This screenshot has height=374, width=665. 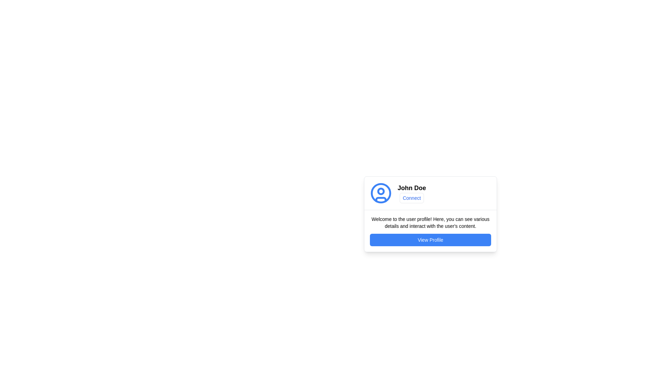 What do you see at coordinates (430, 231) in the screenshot?
I see `text description located in the user profile card, positioned below the 'John Doe' title and 'Connect' button` at bounding box center [430, 231].